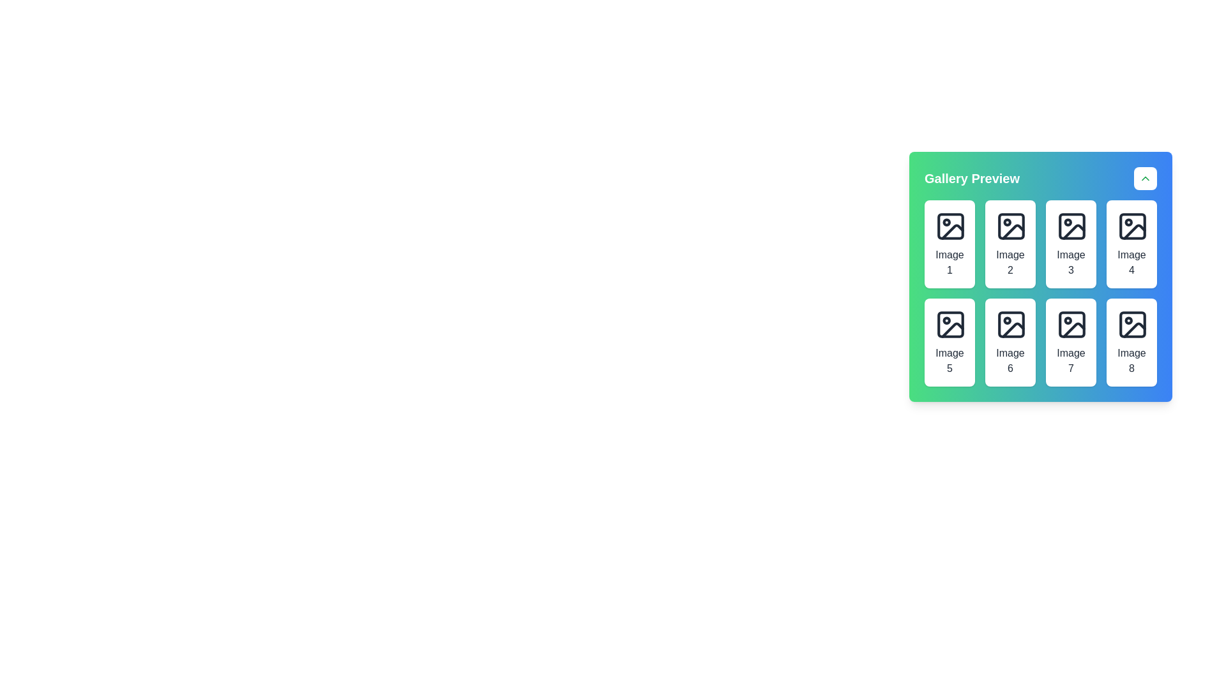 The image size is (1226, 689). Describe the element at coordinates (1010, 262) in the screenshot. I see `the text label located beneath the image icon in the second item of the first row of the grid layout` at that location.